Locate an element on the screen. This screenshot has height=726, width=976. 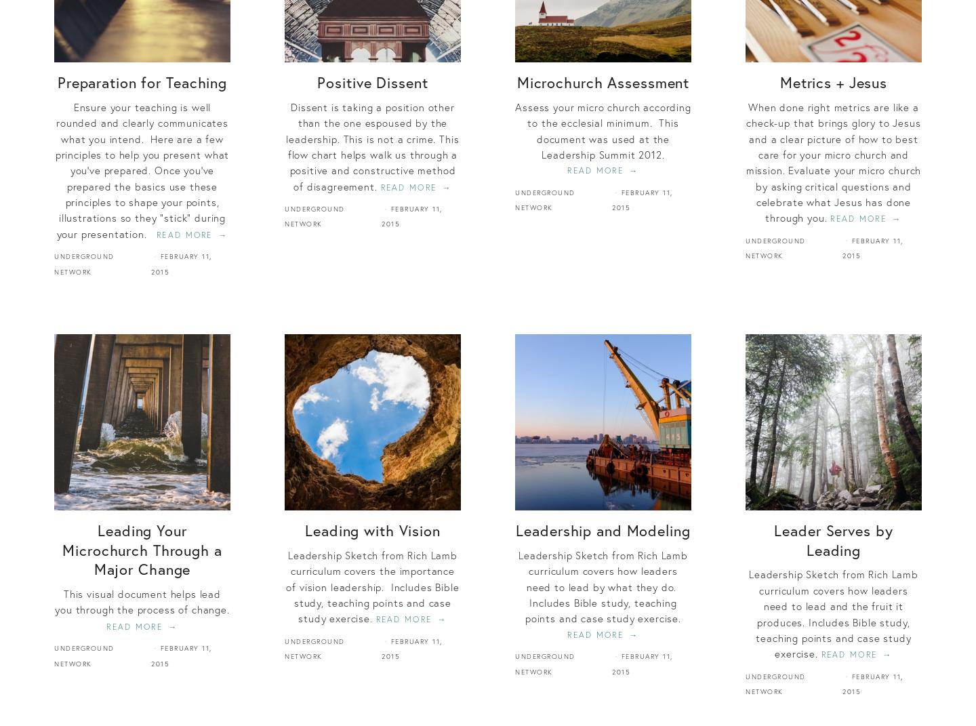
'Ensure your teaching is well rounded and clearly communicates what you intend.  Here are a few principles to help you present what you’ve prepared. Once you’ve prepared the basics use these principles to shape your points, illustrations so they “stick” during your presentation.' is located at coordinates (142, 169).